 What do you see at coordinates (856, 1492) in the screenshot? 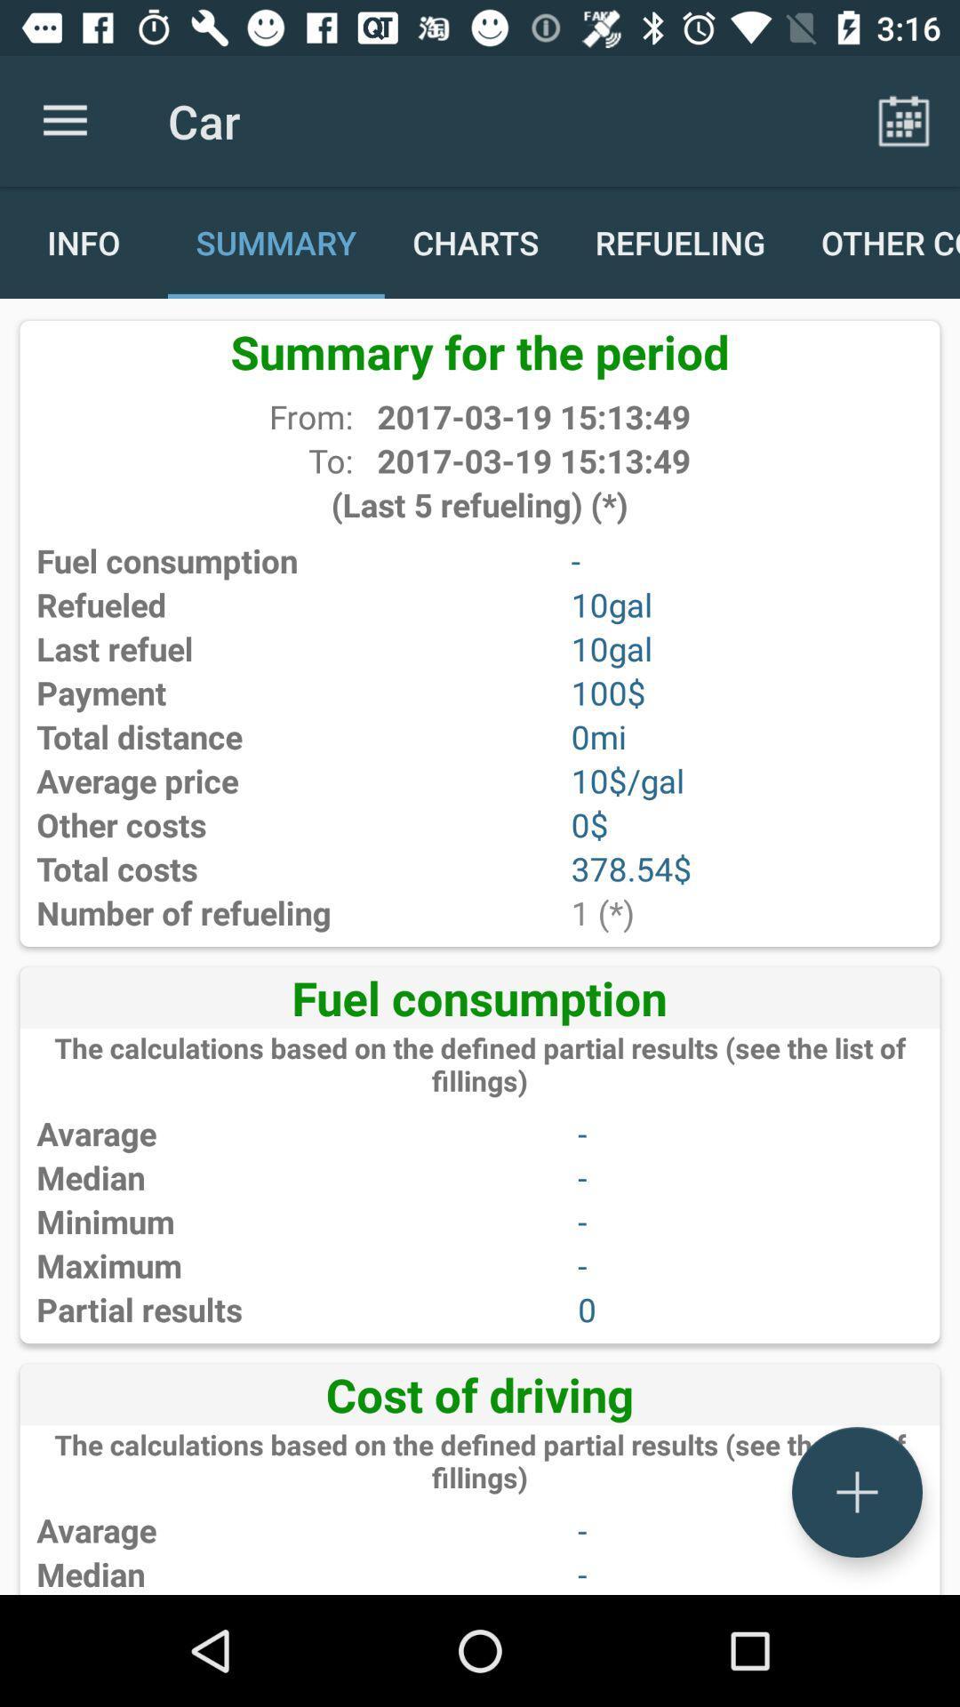
I see `adding button` at bounding box center [856, 1492].